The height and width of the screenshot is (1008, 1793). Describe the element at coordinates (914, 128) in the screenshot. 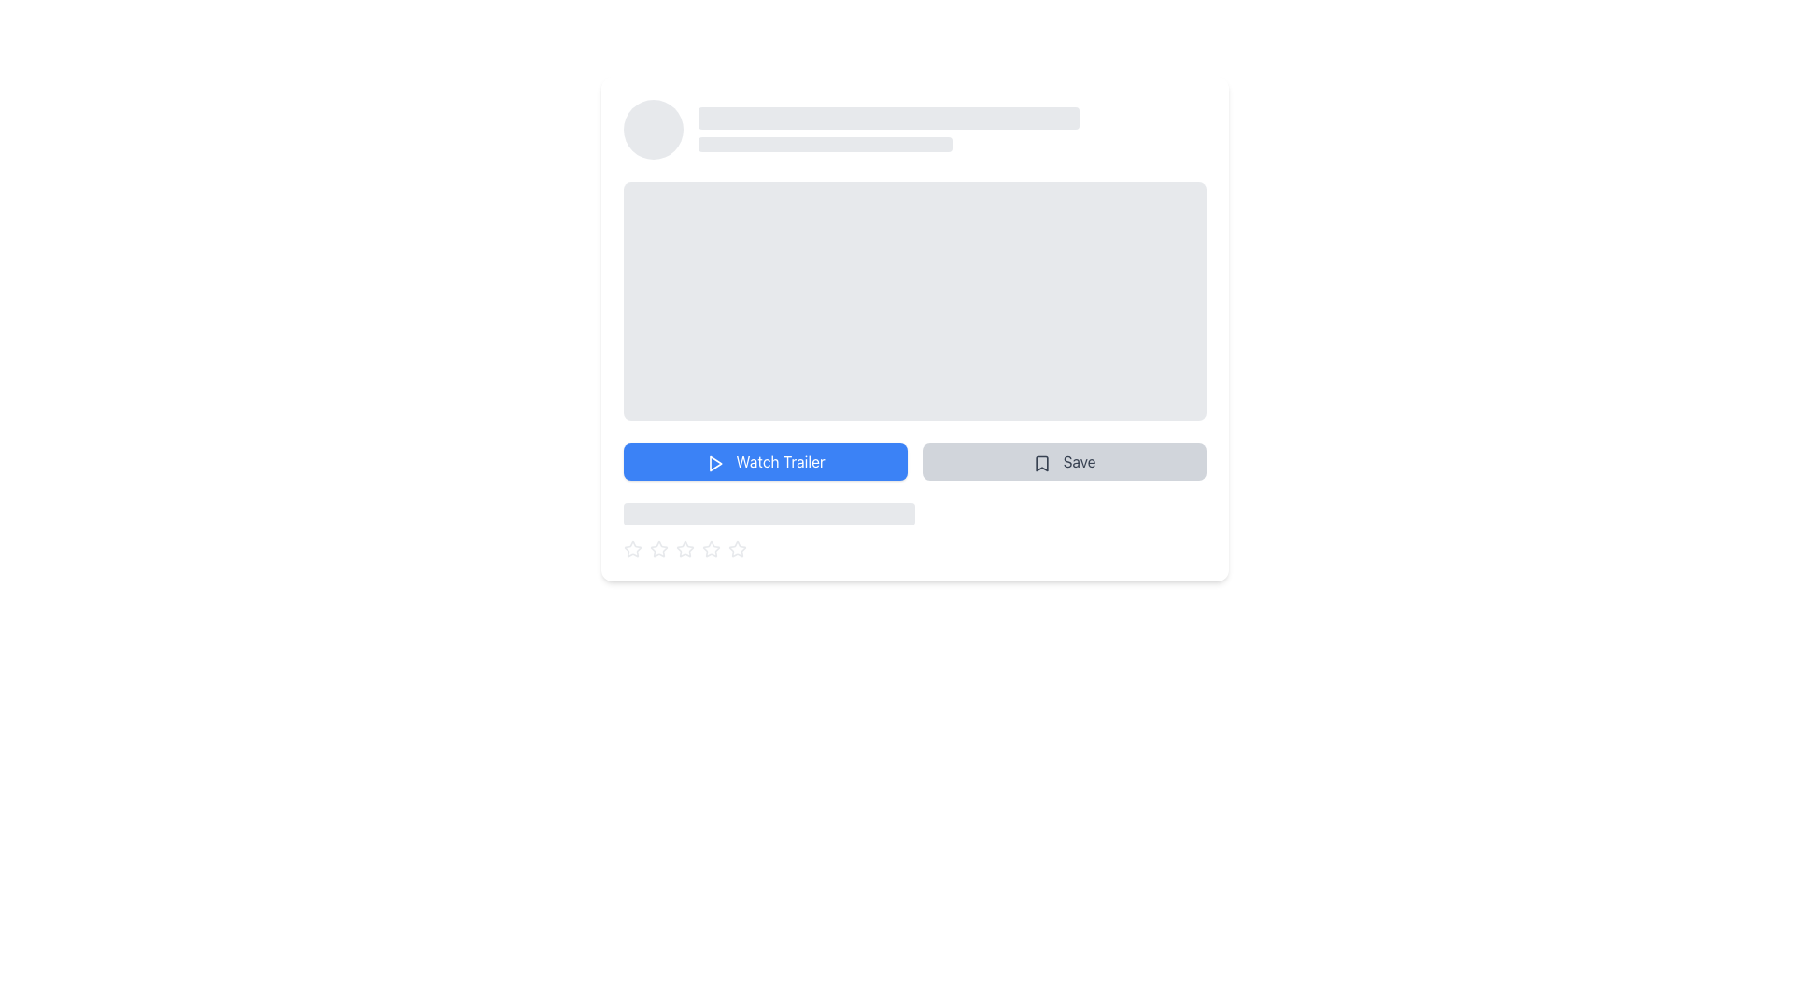

I see `the Content Placeholder, which is a horizontal section with a circular placeholder on the left and two stacked rectangular content placeholders on the right, styled in light gray and featuring animated pulsing effects` at that location.